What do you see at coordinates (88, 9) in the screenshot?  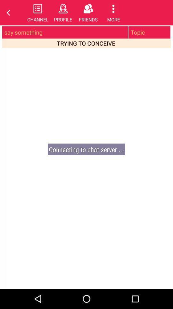 I see `the group icon` at bounding box center [88, 9].